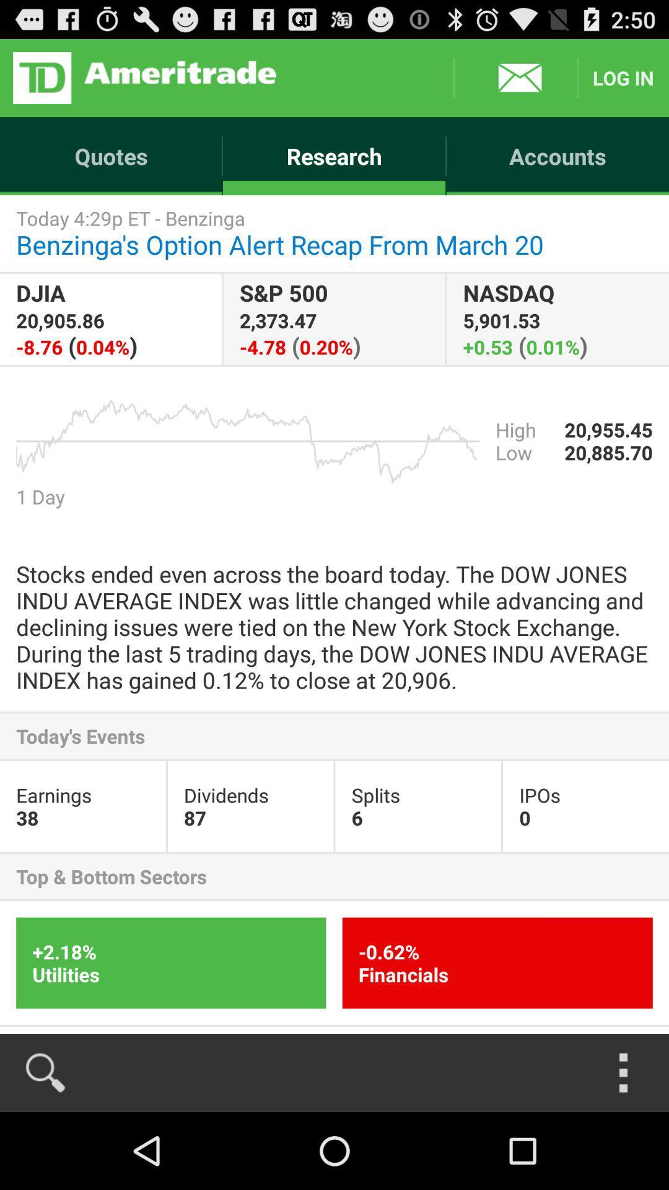 This screenshot has width=669, height=1190. Describe the element at coordinates (110, 319) in the screenshot. I see `djia 20 905 item` at that location.